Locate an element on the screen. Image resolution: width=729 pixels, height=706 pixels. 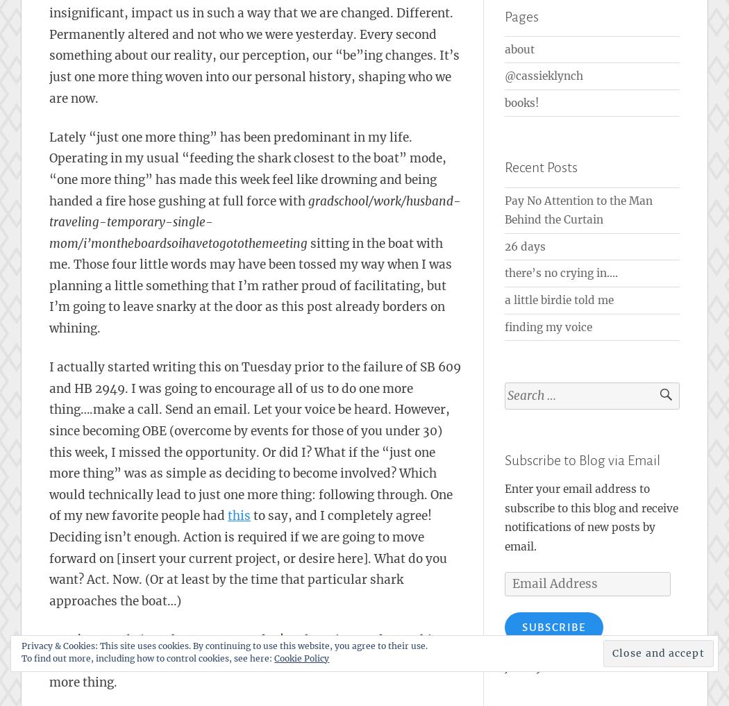
'@cassieklynch' is located at coordinates (544, 76).